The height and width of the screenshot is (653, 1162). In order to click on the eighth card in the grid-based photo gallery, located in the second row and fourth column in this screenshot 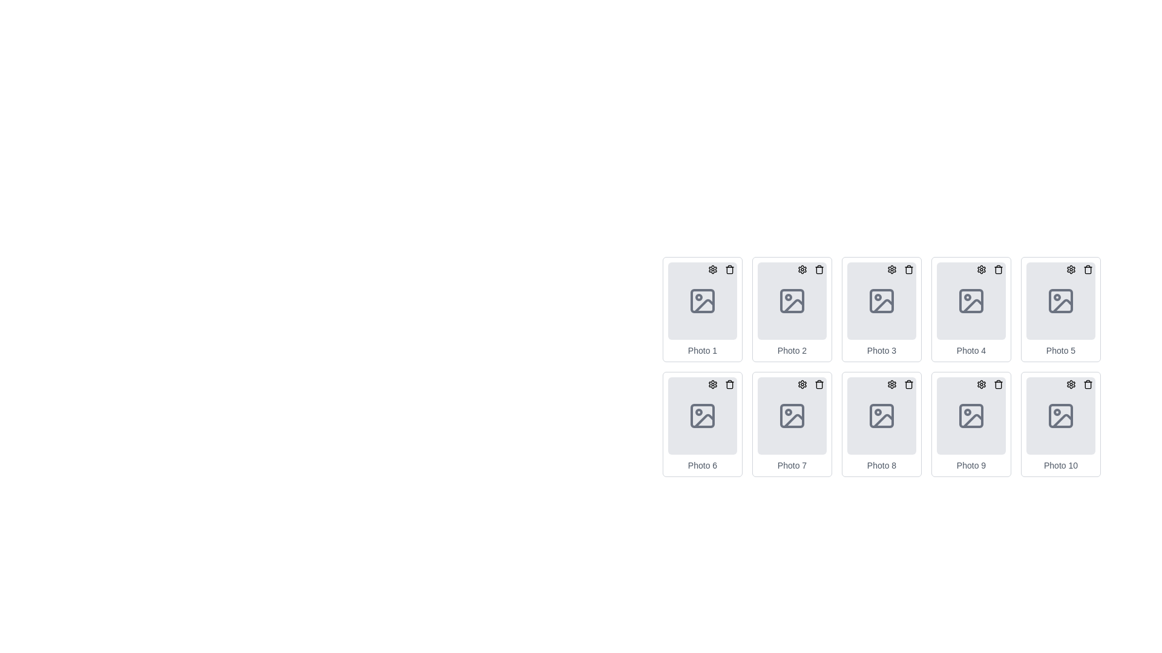, I will do `click(882, 424)`.